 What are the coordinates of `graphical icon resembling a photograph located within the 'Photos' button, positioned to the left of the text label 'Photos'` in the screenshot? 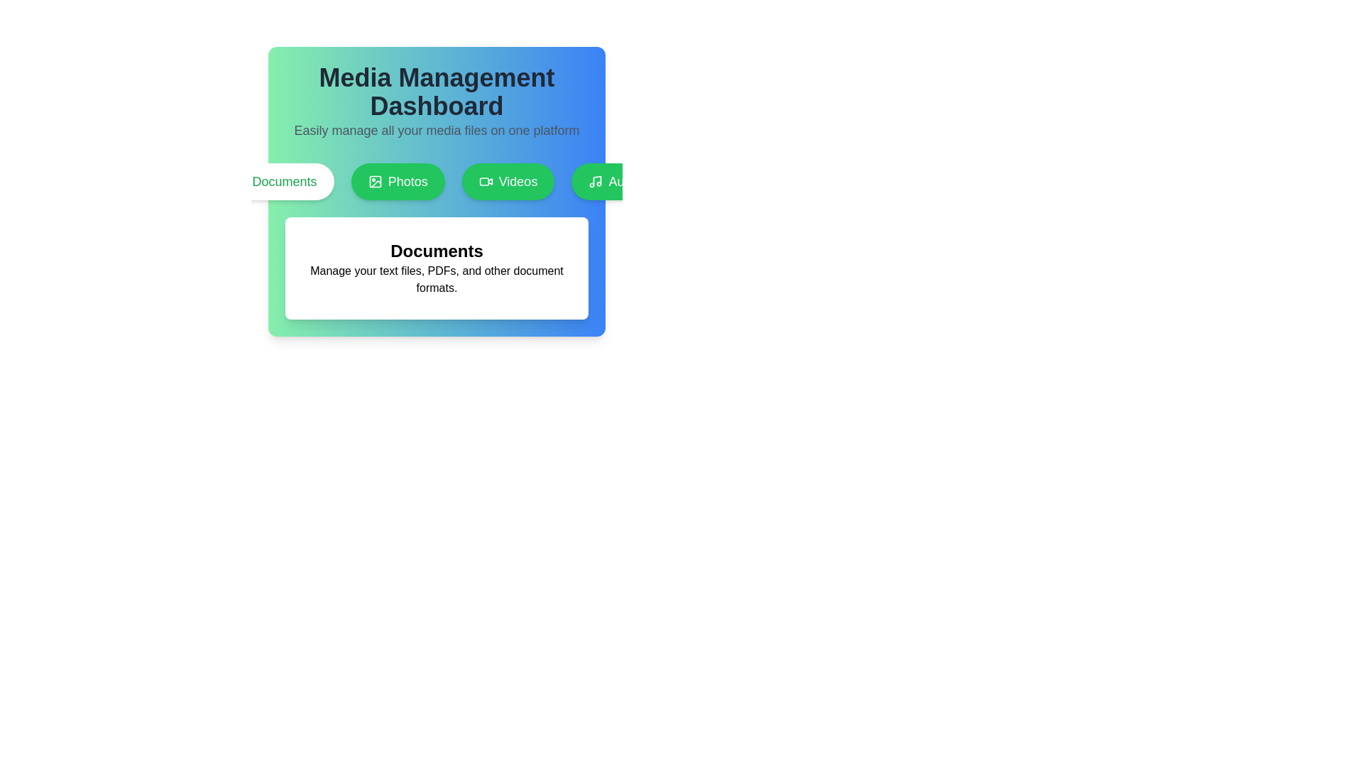 It's located at (375, 180).